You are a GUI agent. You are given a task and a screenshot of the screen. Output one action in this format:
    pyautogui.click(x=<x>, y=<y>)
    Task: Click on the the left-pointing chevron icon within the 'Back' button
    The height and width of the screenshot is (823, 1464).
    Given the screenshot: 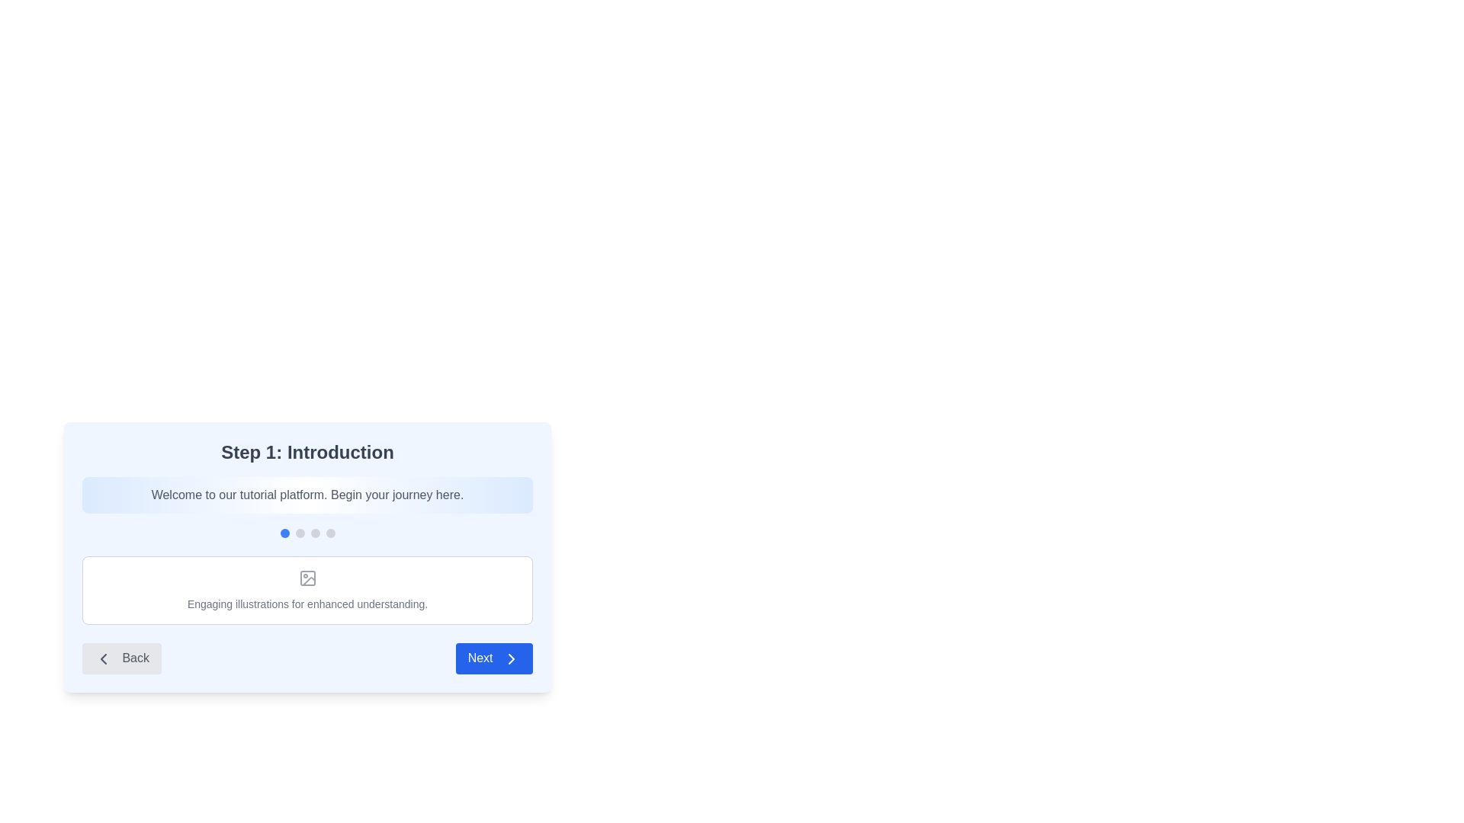 What is the action you would take?
    pyautogui.click(x=102, y=658)
    